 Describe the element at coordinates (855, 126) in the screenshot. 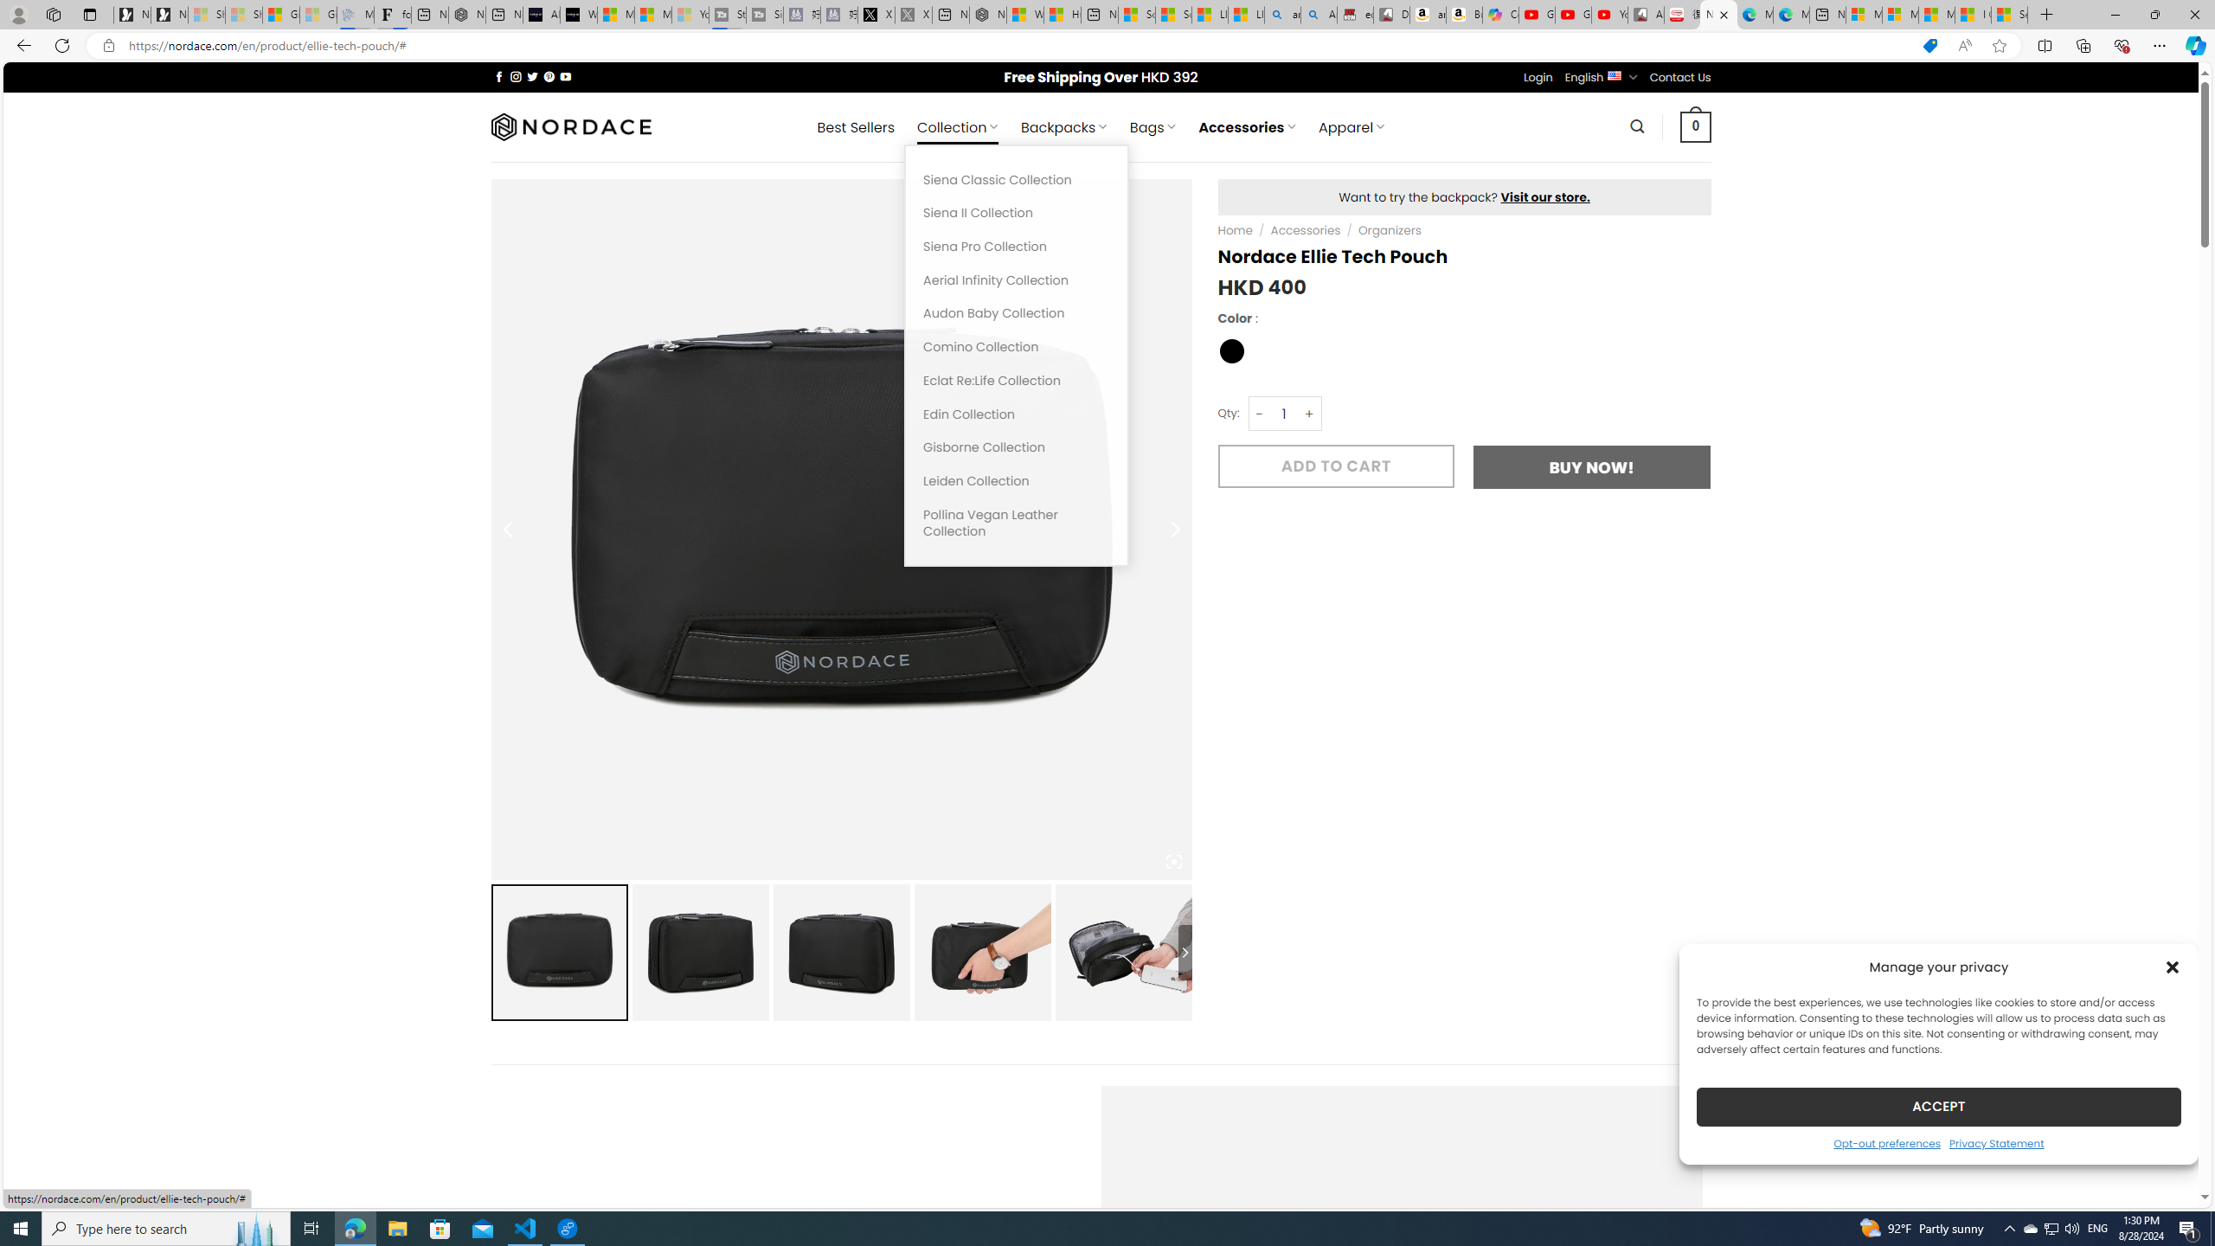

I see `'  Best Sellers'` at that location.